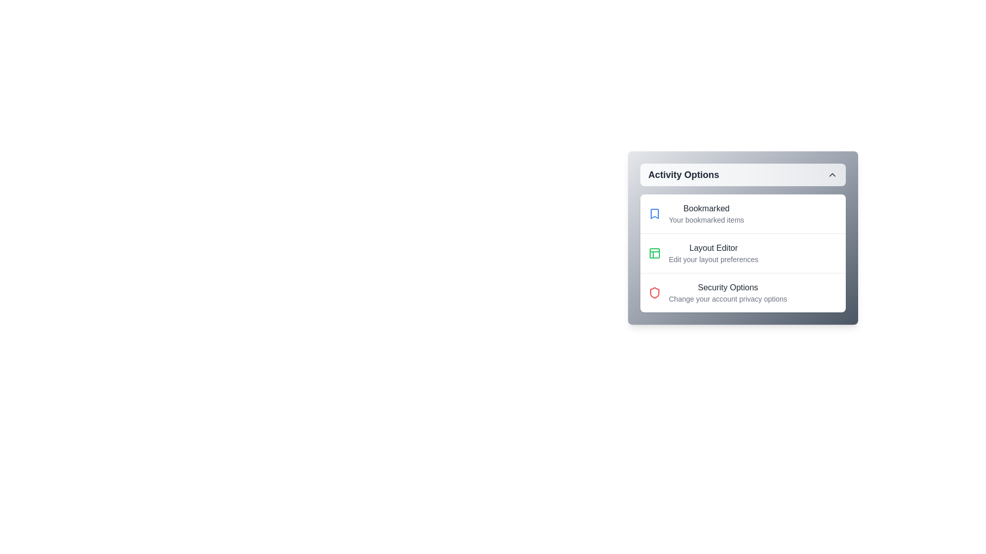  What do you see at coordinates (713, 248) in the screenshot?
I see `the 'Layout Editor' text label, which is styled in bold dark gray and is part of the options list within the 'Activity Options' card` at bounding box center [713, 248].